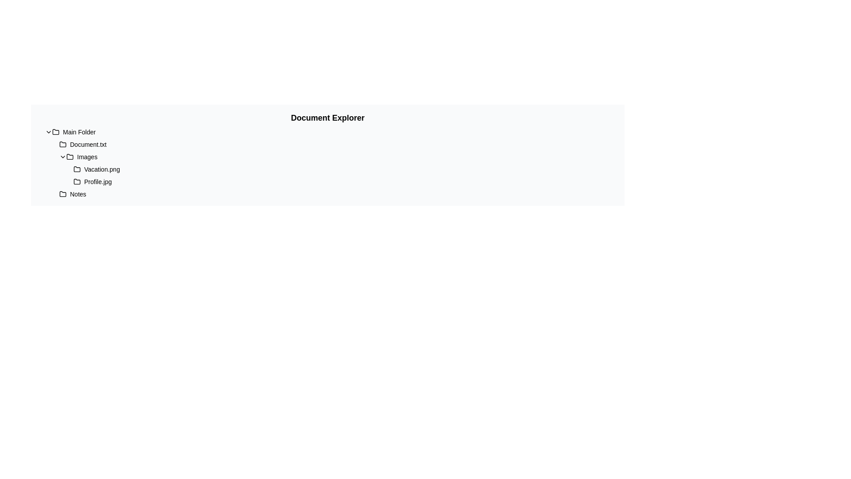 The image size is (851, 479). Describe the element at coordinates (62, 143) in the screenshot. I see `the folder icon representing 'Document.txt' in the Document Explorer interface, which is located under the Main Folder section` at that location.